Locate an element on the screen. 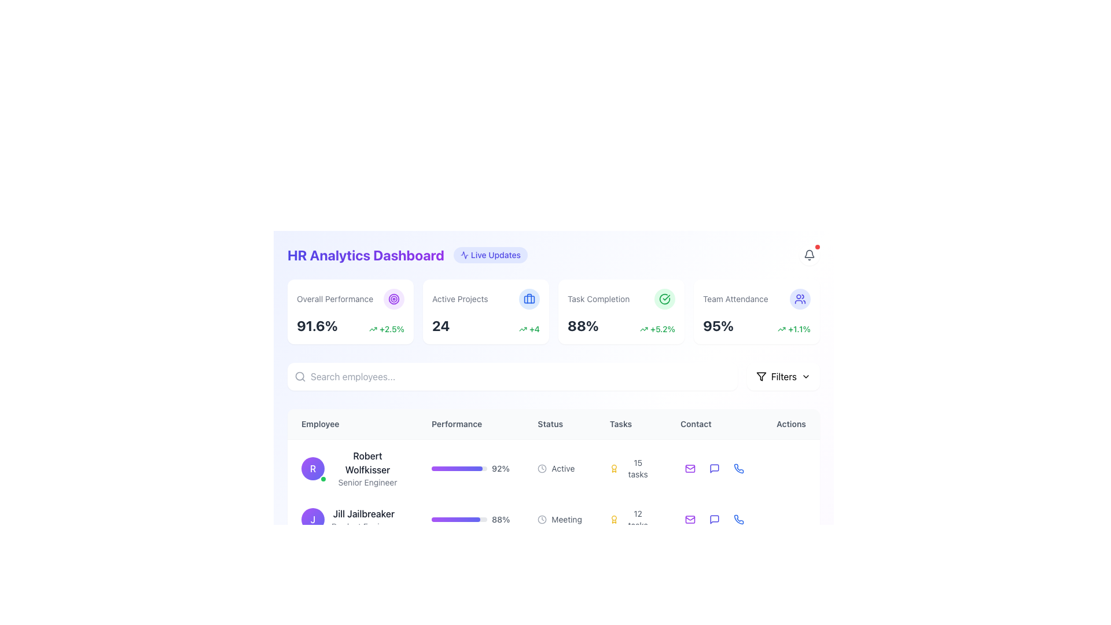 This screenshot has width=1111, height=625. the Interactive Icon representing the messaging feature for 'Jill Jailbreaker' located in the 'Contact' column, between the email and phone icons is located at coordinates (714, 519).